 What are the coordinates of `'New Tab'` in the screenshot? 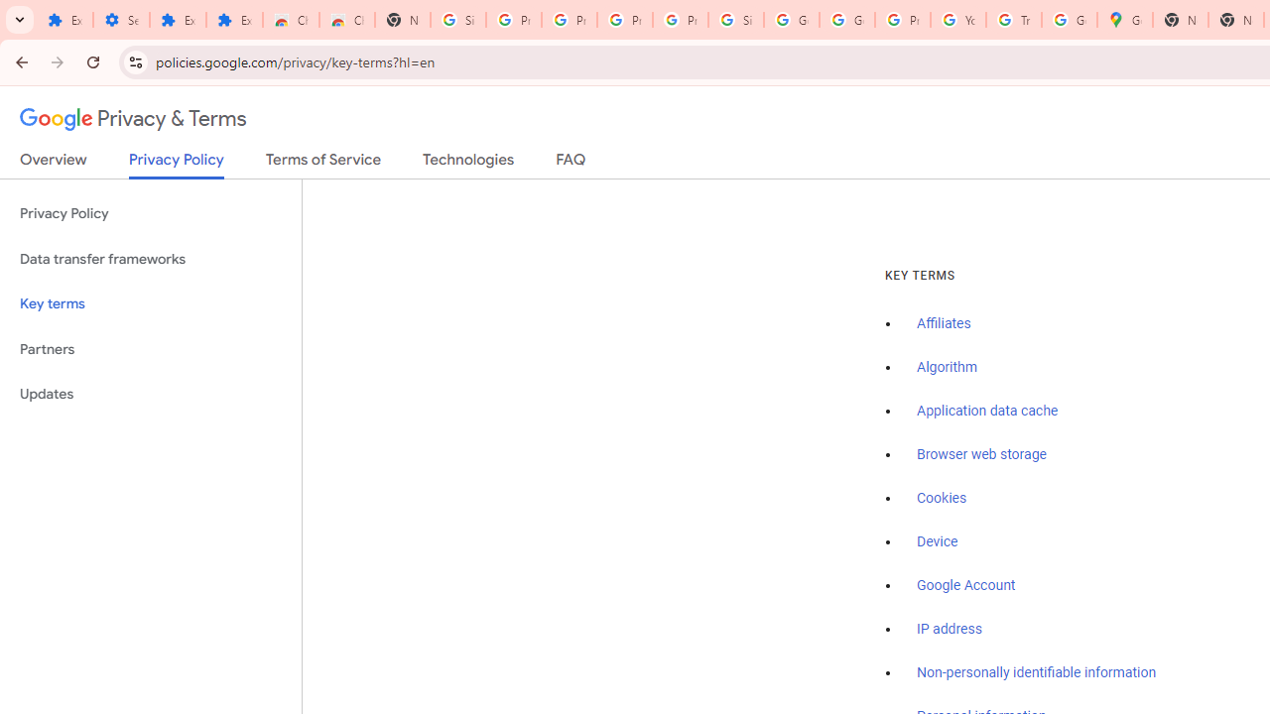 It's located at (401, 20).